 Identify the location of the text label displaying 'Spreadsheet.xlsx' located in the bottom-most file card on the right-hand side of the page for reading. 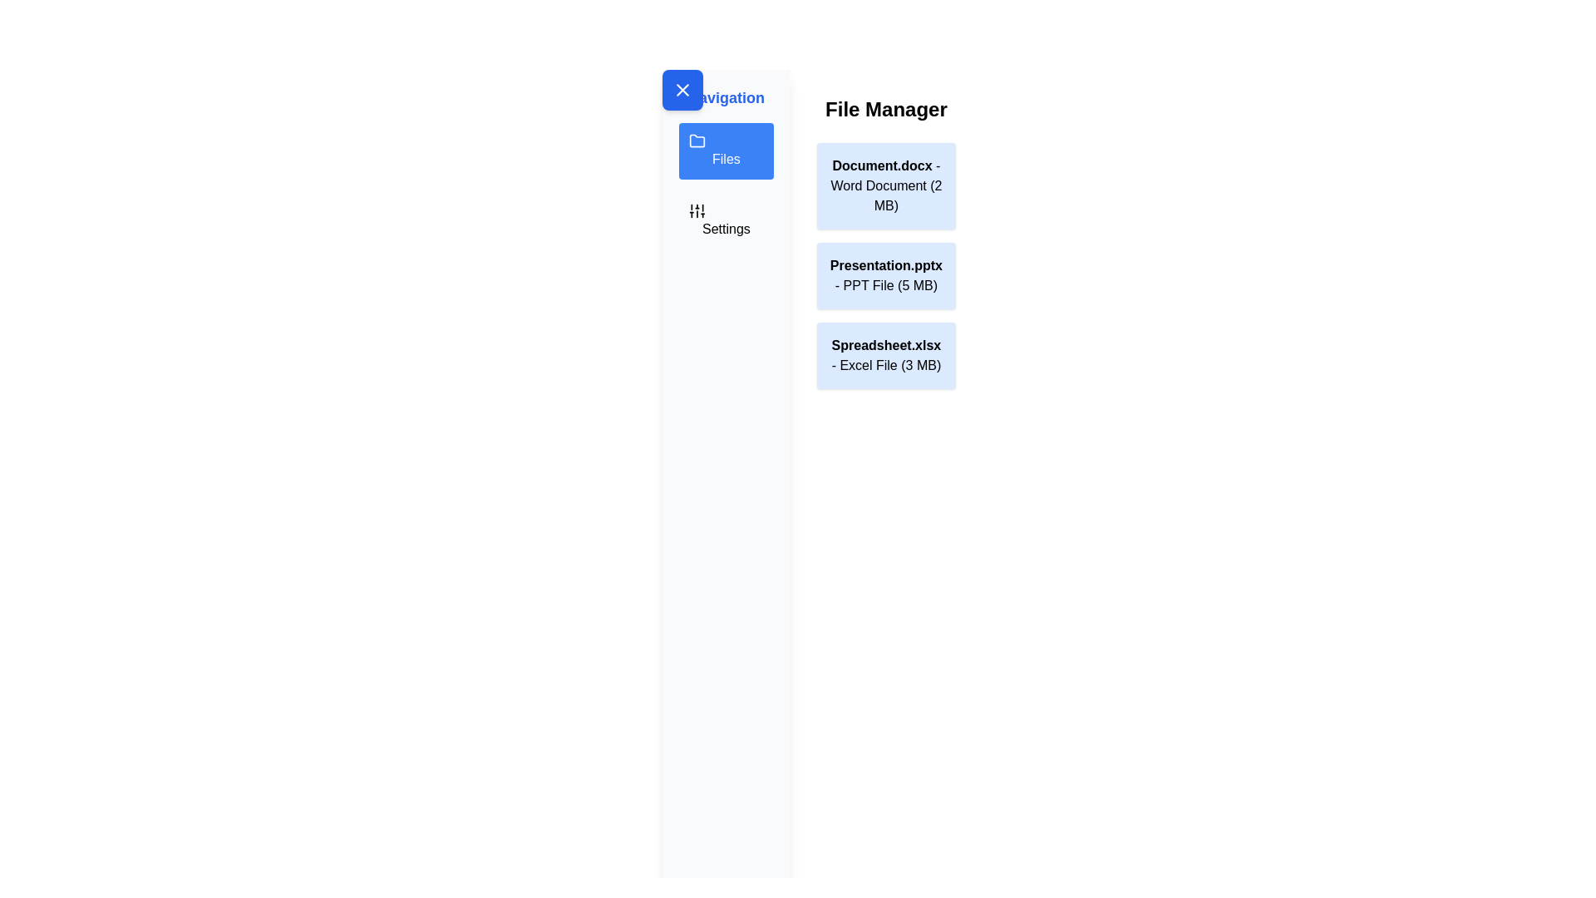
(885, 344).